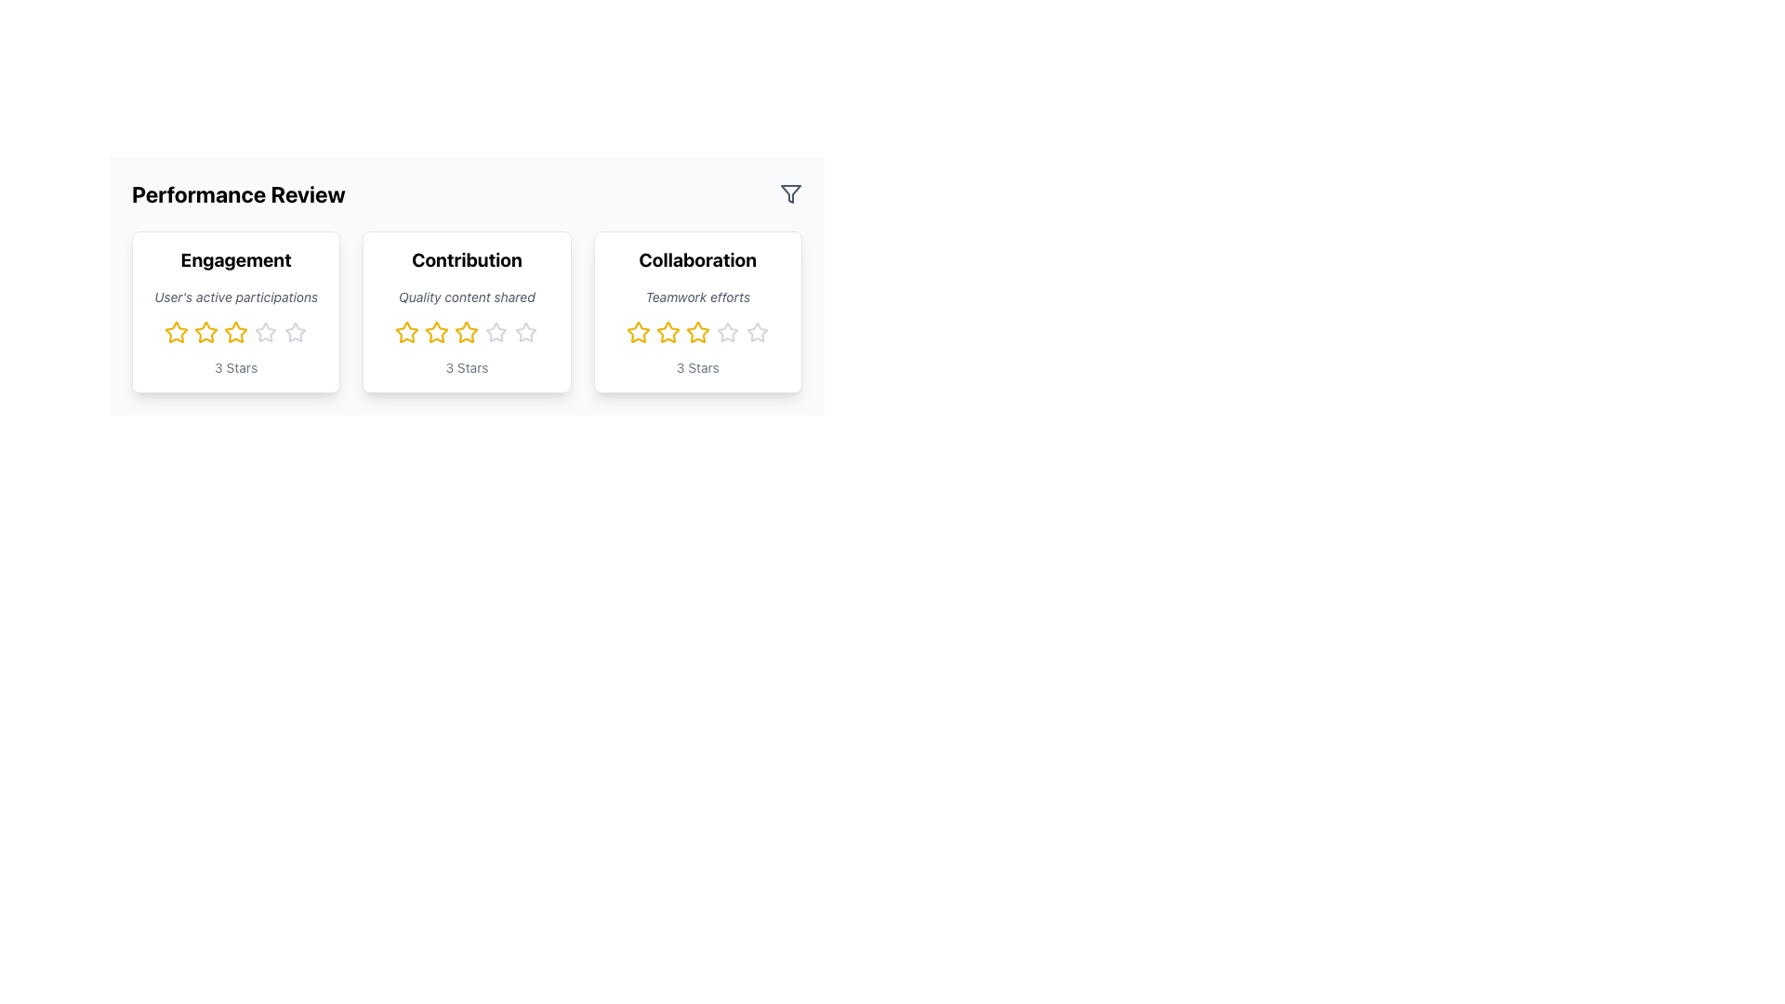 The width and height of the screenshot is (1785, 1004). What do you see at coordinates (235, 332) in the screenshot?
I see `the fourth star icon in the 5-star rating system within the 'Engagement' card of the 'Performance Review' section to indicate that it is selected or interacted with` at bounding box center [235, 332].